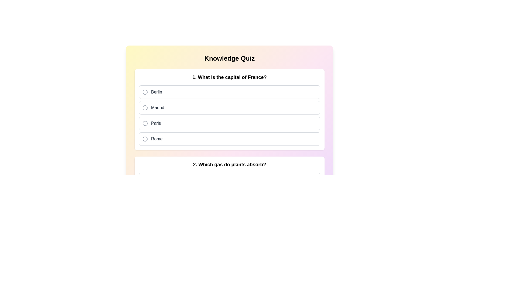 The width and height of the screenshot is (518, 291). What do you see at coordinates (145, 139) in the screenshot?
I see `the circular icon located to the left of the text 'Rome' in the answer option for the question 'What is the capital of France?' if it is enabled` at bounding box center [145, 139].